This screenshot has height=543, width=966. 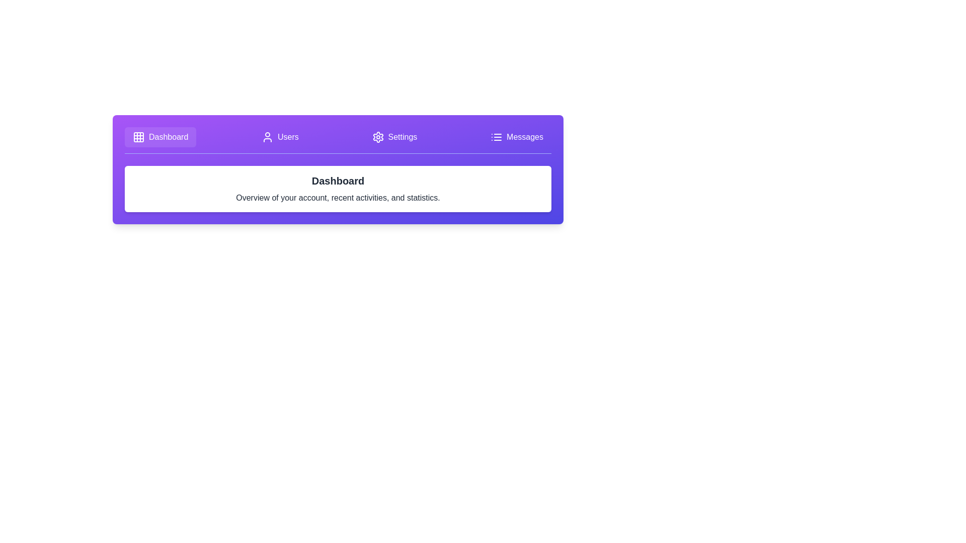 I want to click on the 'Users' button in the navigation bar, so click(x=280, y=137).